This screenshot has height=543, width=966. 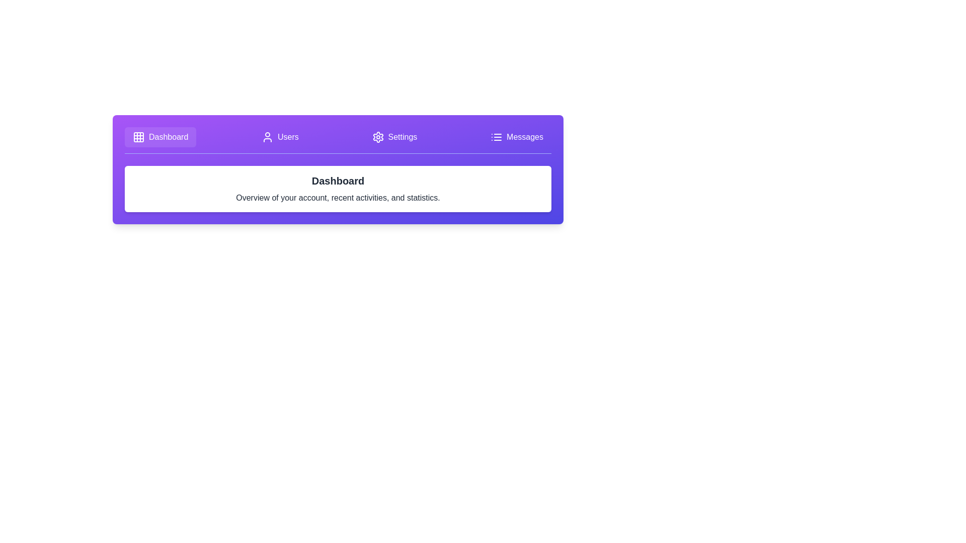 I want to click on the 'Users' button in the navigation bar, so click(x=280, y=137).